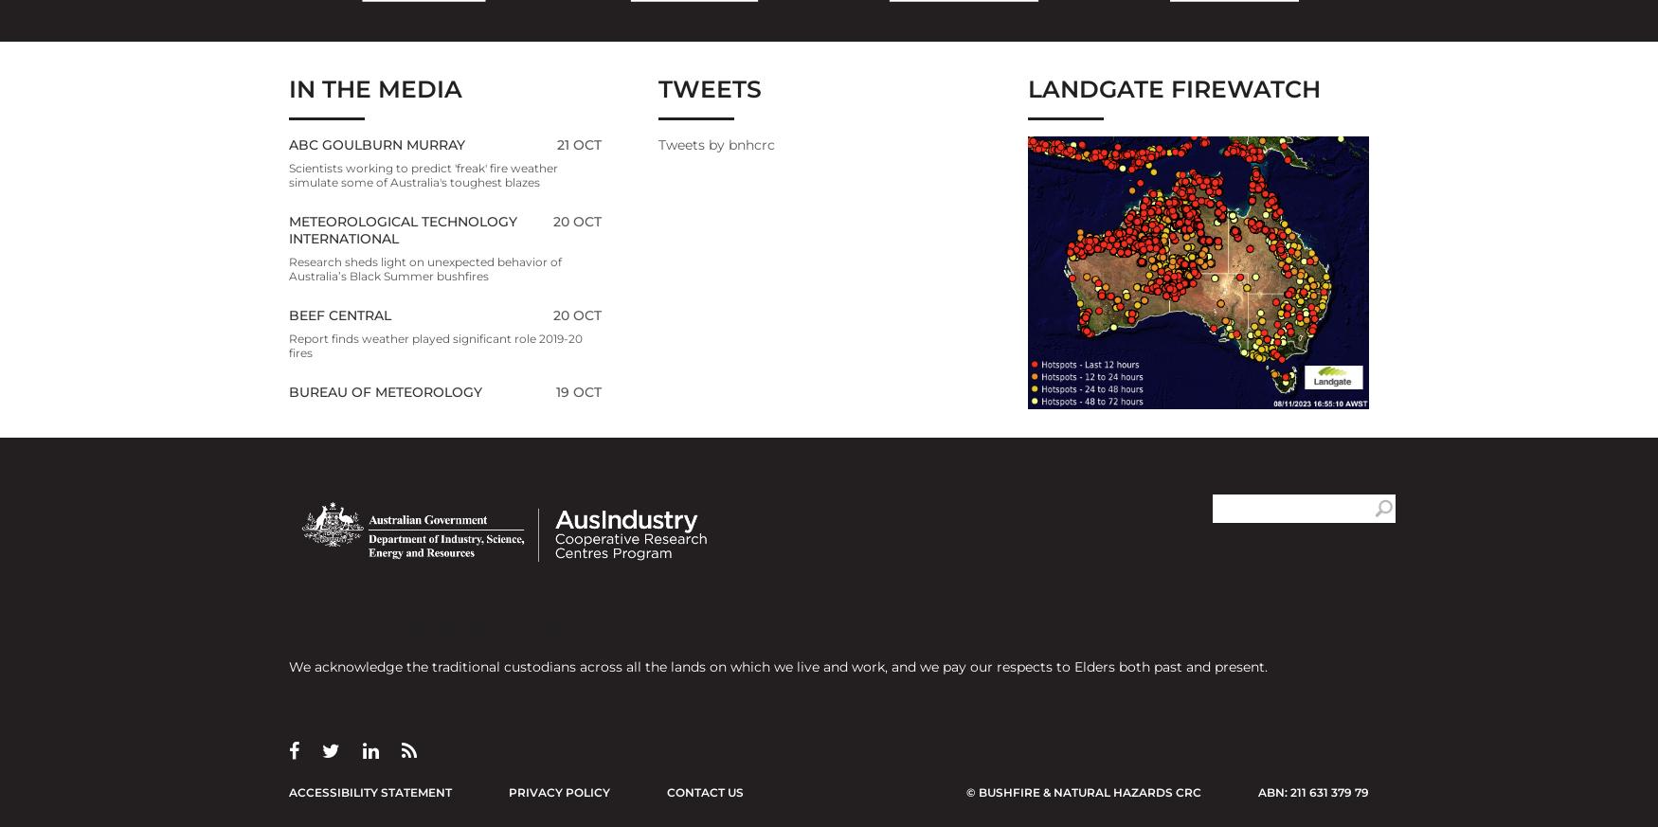  I want to click on 'news.com.au', so click(339, 696).